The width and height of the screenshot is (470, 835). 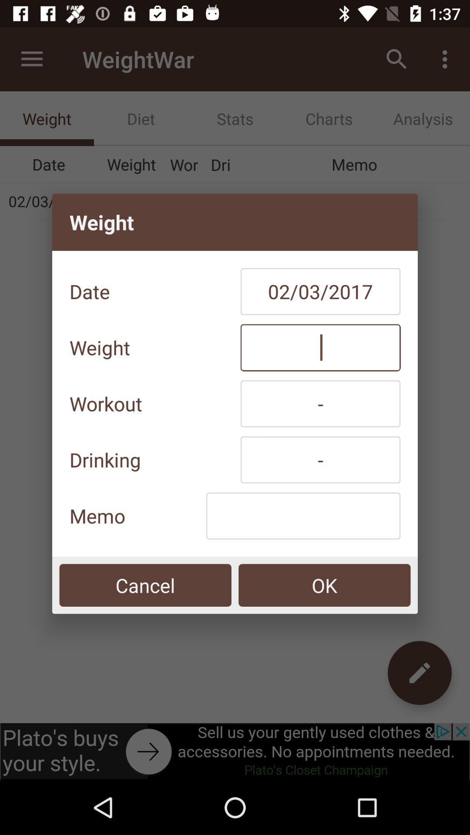 What do you see at coordinates (320, 291) in the screenshot?
I see `item next to date icon` at bounding box center [320, 291].